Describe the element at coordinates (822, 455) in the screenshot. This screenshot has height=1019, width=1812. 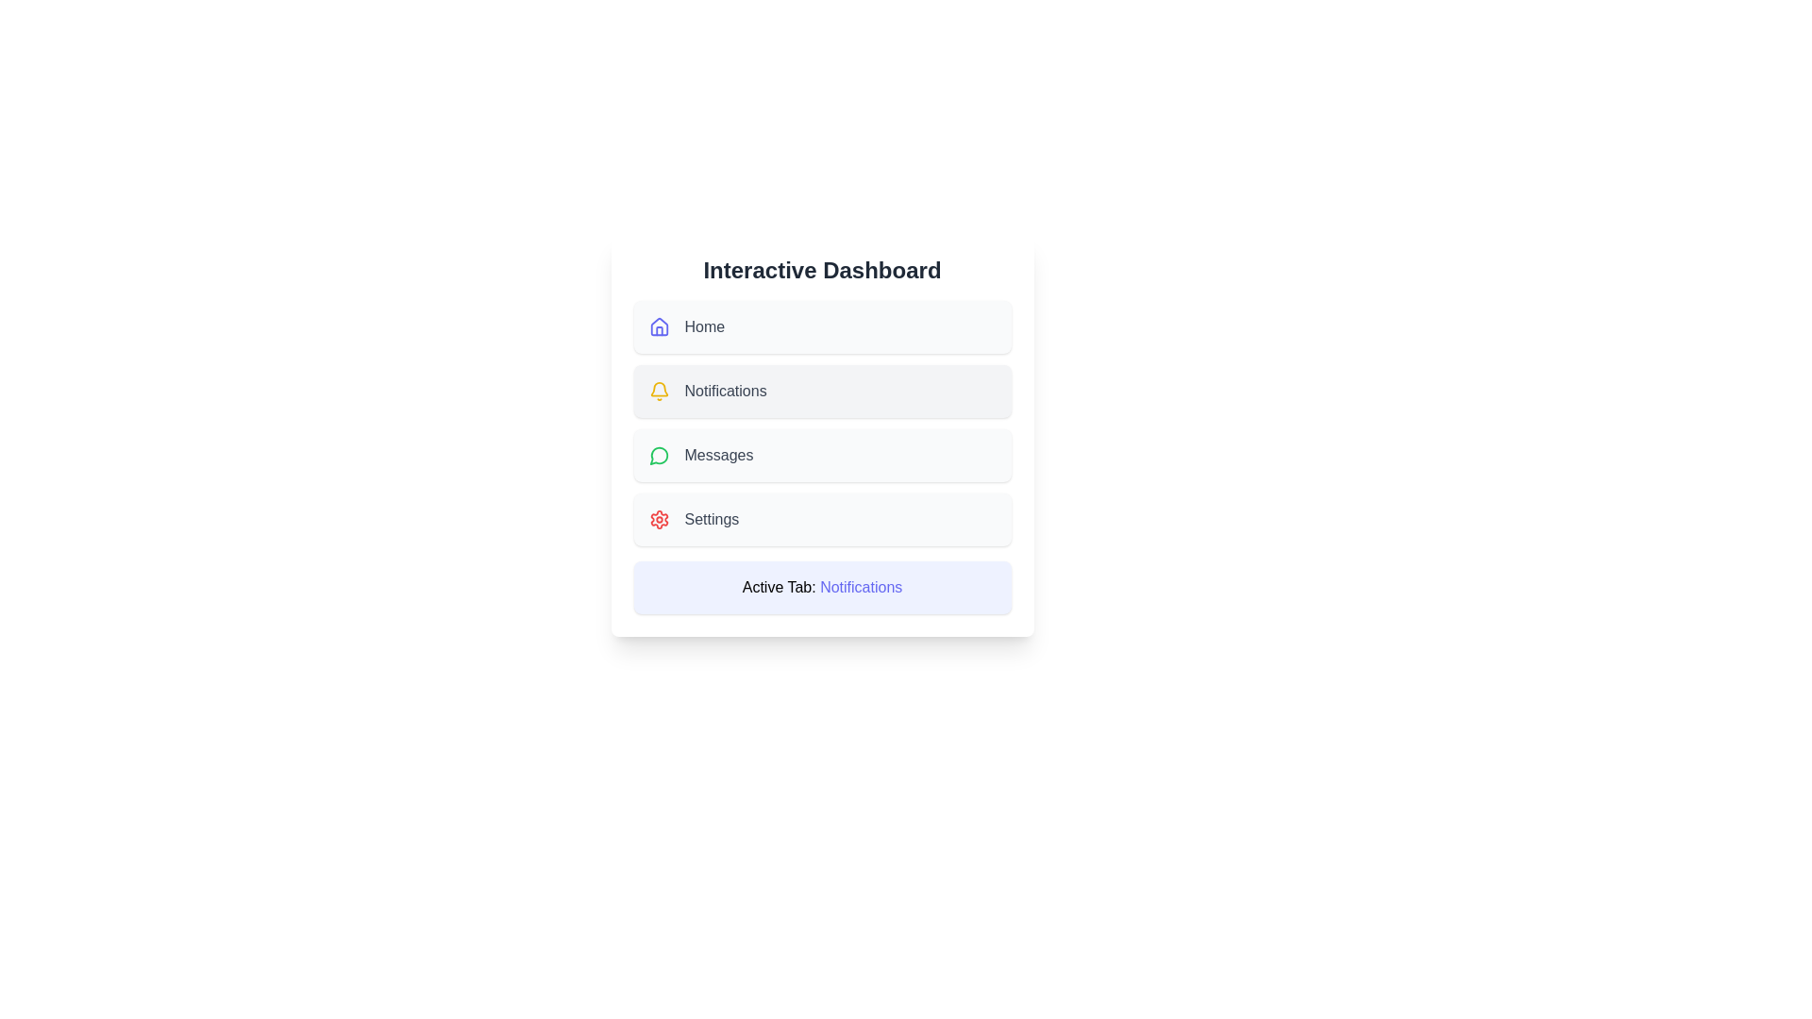
I see `the menu button labeled Messages` at that location.